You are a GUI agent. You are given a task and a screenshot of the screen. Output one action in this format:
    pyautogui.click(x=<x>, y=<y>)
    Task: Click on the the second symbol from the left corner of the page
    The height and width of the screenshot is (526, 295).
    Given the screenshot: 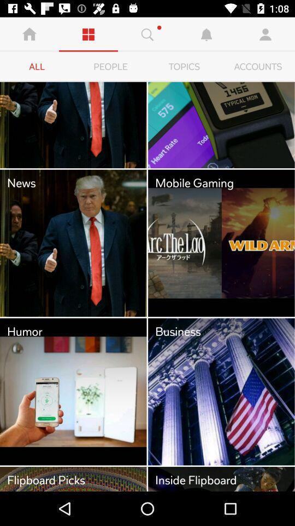 What is the action you would take?
    pyautogui.click(x=88, y=35)
    